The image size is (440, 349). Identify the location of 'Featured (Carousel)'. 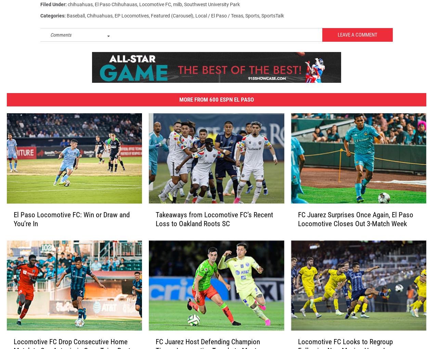
(171, 18).